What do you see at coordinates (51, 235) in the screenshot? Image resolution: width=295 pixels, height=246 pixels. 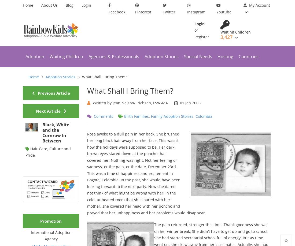 I see `'International Adoption Agency'` at bounding box center [51, 235].